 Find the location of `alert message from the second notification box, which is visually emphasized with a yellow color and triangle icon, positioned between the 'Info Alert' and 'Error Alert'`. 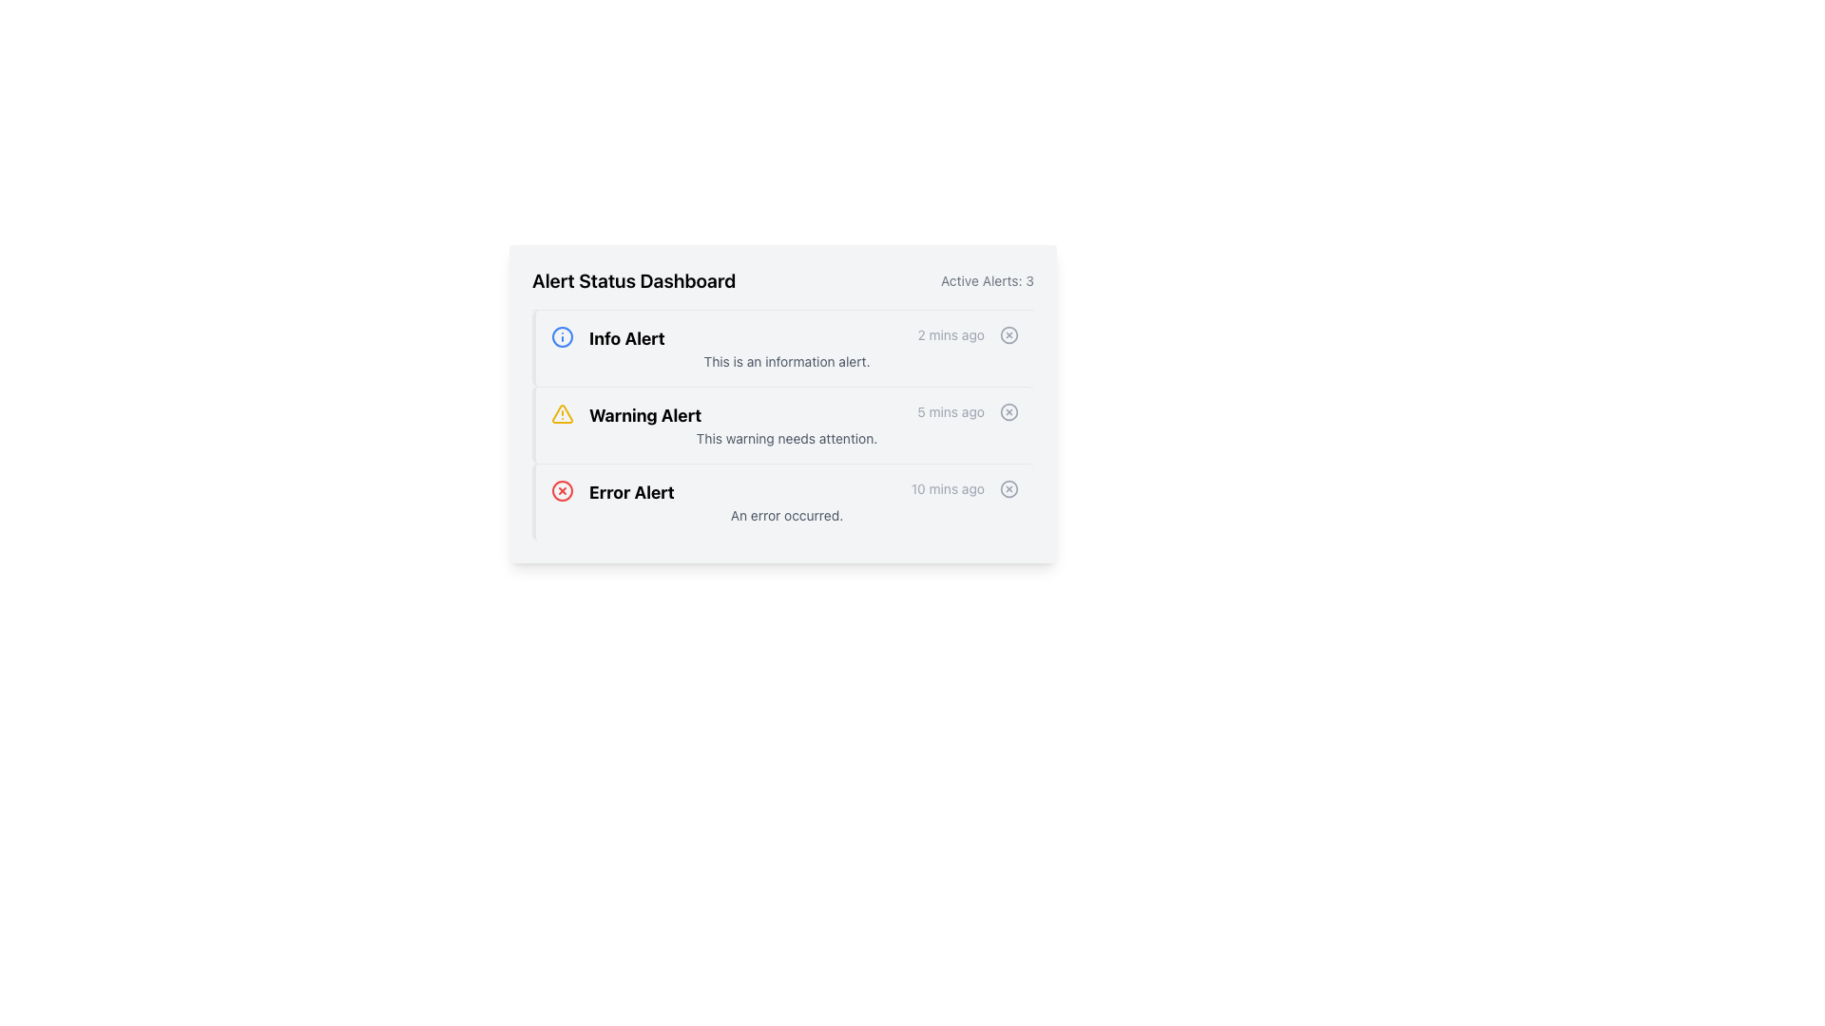

alert message from the second notification box, which is visually emphasized with a yellow color and triangle icon, positioned between the 'Info Alert' and 'Error Alert' is located at coordinates (783, 424).